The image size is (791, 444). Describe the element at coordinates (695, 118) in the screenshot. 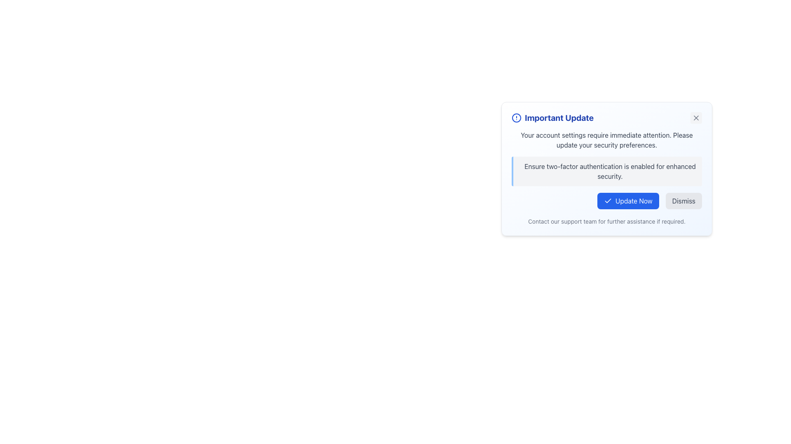

I see `the small gray diagonal cross icon` at that location.